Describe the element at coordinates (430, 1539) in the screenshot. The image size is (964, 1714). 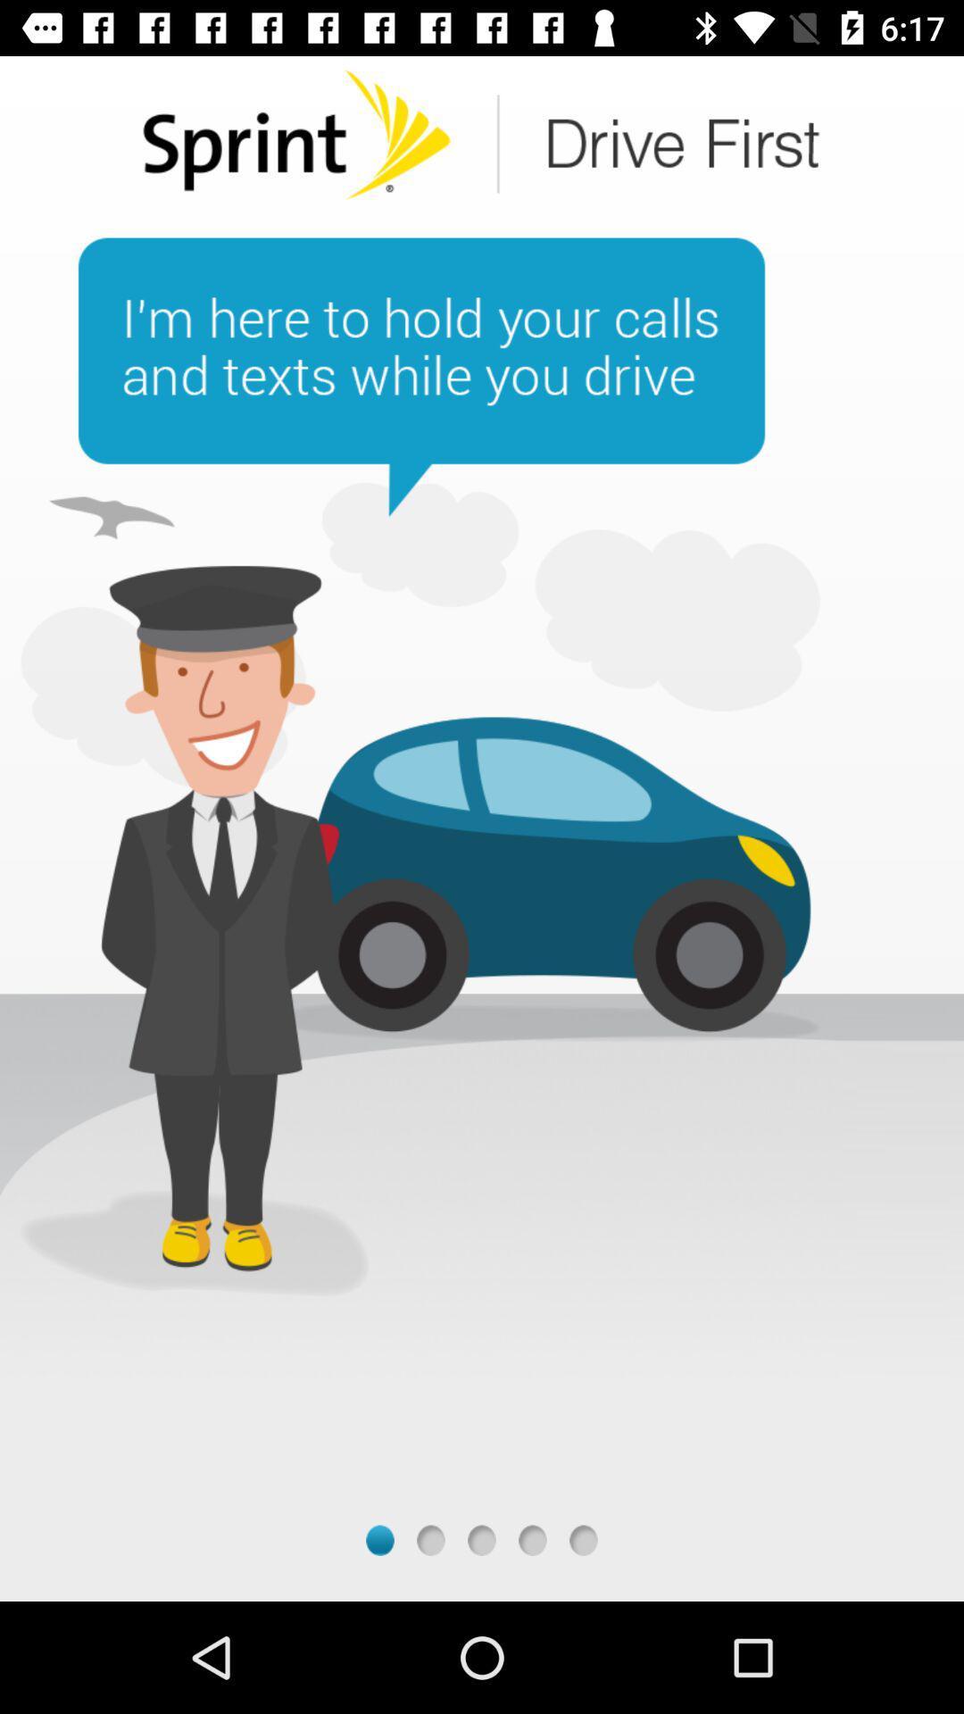
I see `2nd page` at that location.